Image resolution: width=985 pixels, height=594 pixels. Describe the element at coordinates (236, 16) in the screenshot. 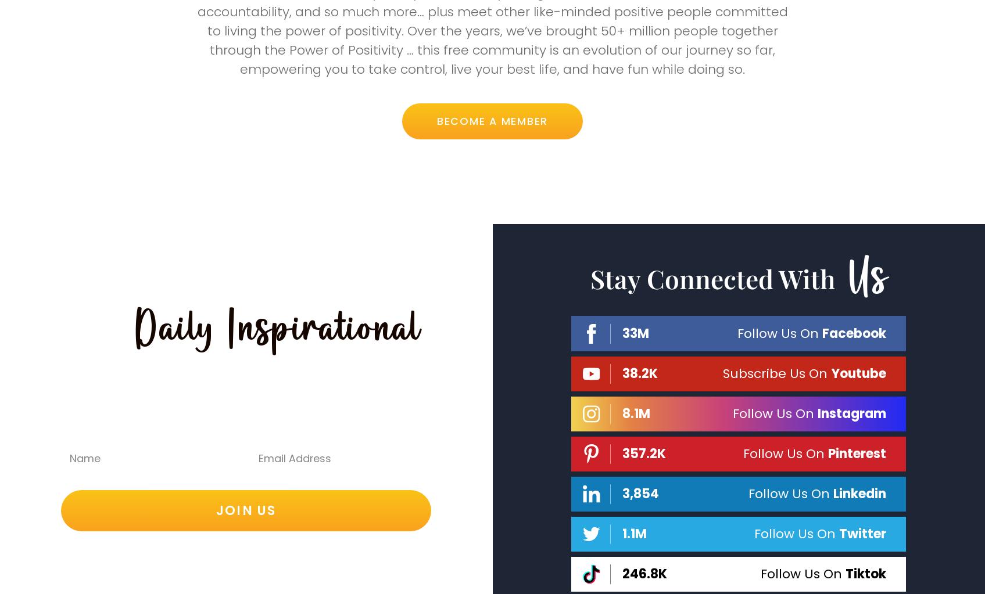

I see `'Join'` at that location.